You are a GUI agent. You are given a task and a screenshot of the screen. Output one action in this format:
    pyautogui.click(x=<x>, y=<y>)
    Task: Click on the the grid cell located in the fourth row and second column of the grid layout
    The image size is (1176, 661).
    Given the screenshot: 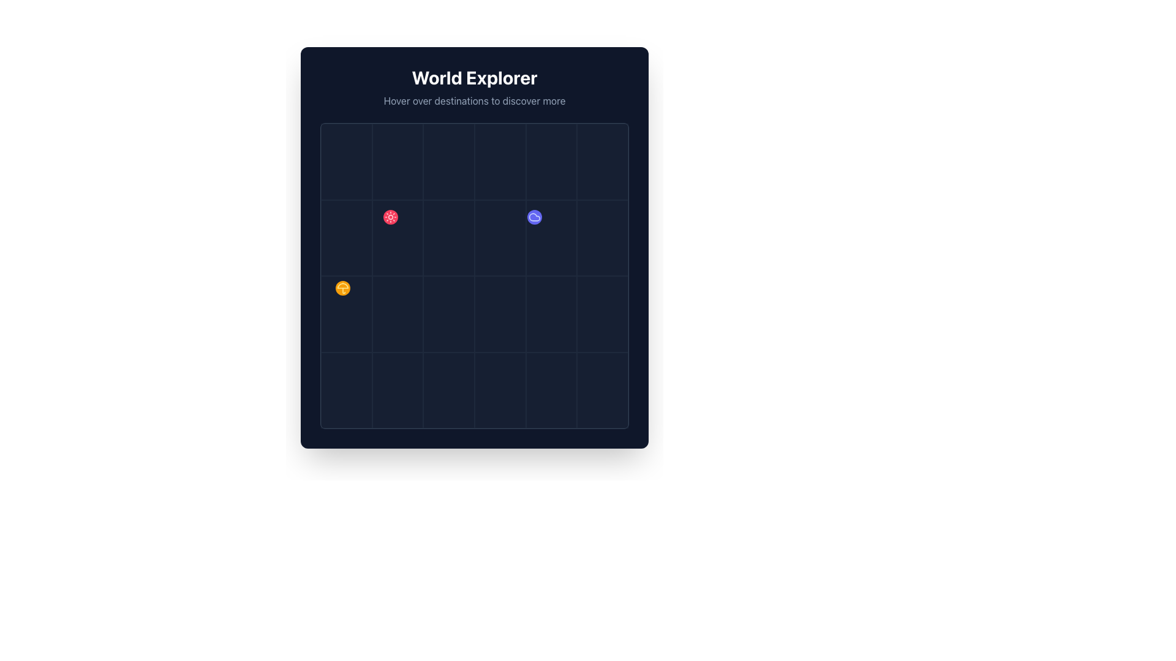 What is the action you would take?
    pyautogui.click(x=398, y=390)
    